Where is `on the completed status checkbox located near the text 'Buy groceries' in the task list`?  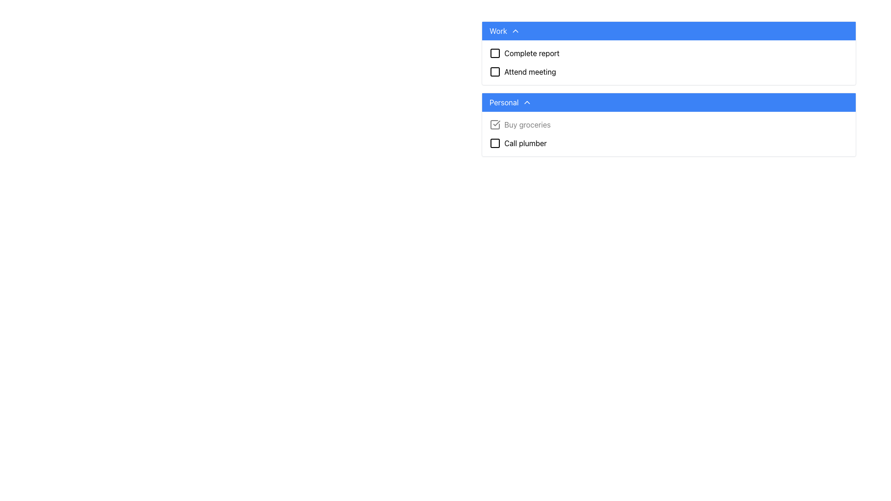 on the completed status checkbox located near the text 'Buy groceries' in the task list is located at coordinates (494, 124).